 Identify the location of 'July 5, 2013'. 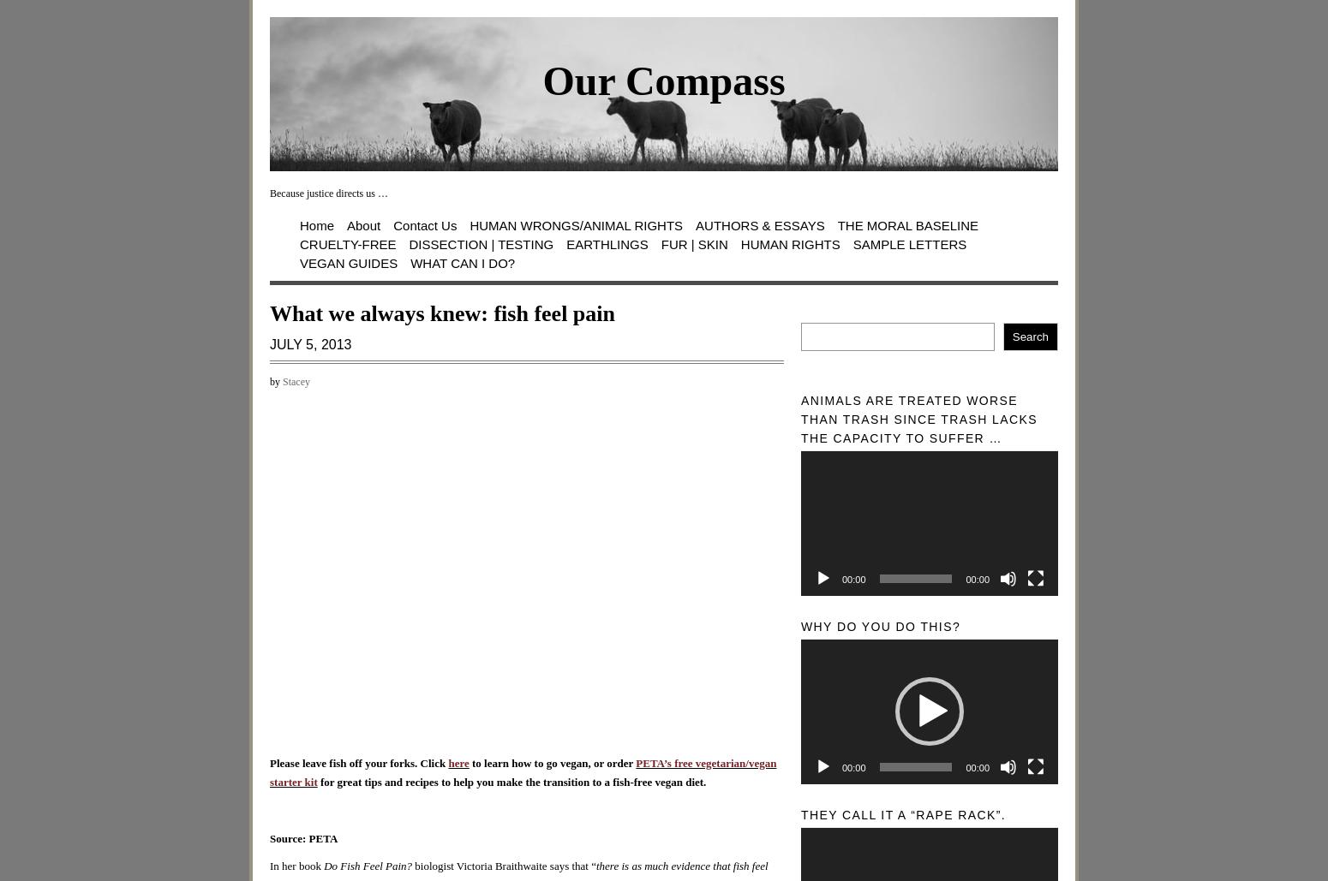
(268, 342).